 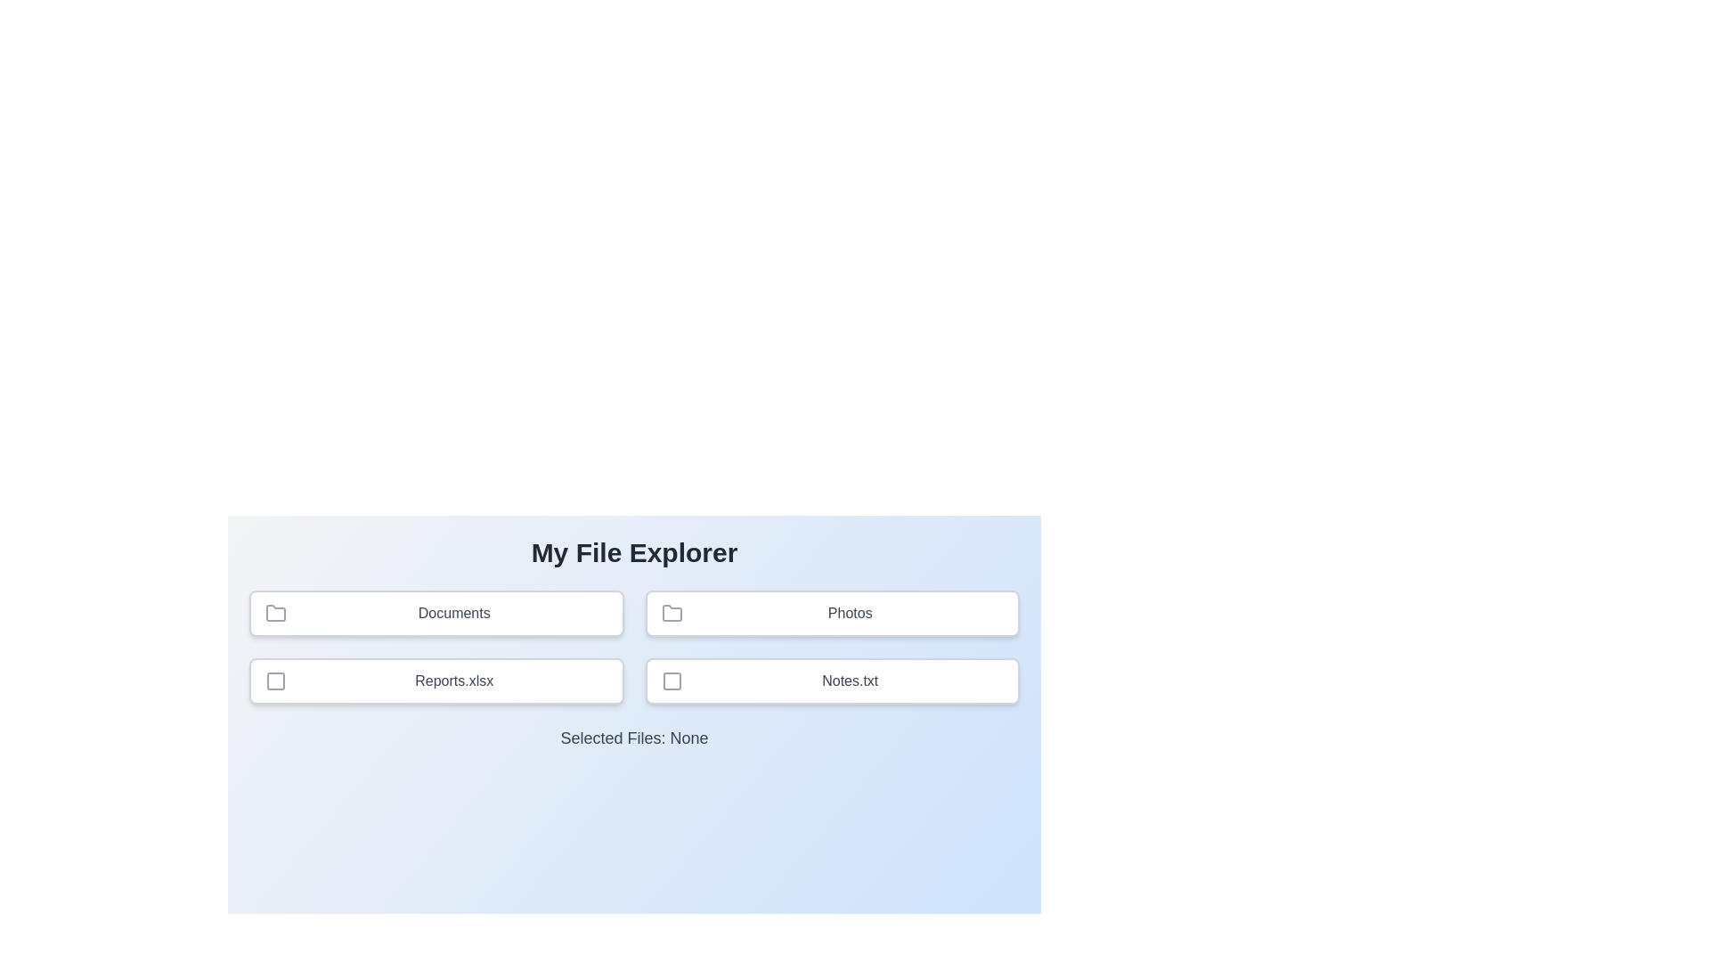 I want to click on the item Photos by clicking on it, so click(x=831, y=613).